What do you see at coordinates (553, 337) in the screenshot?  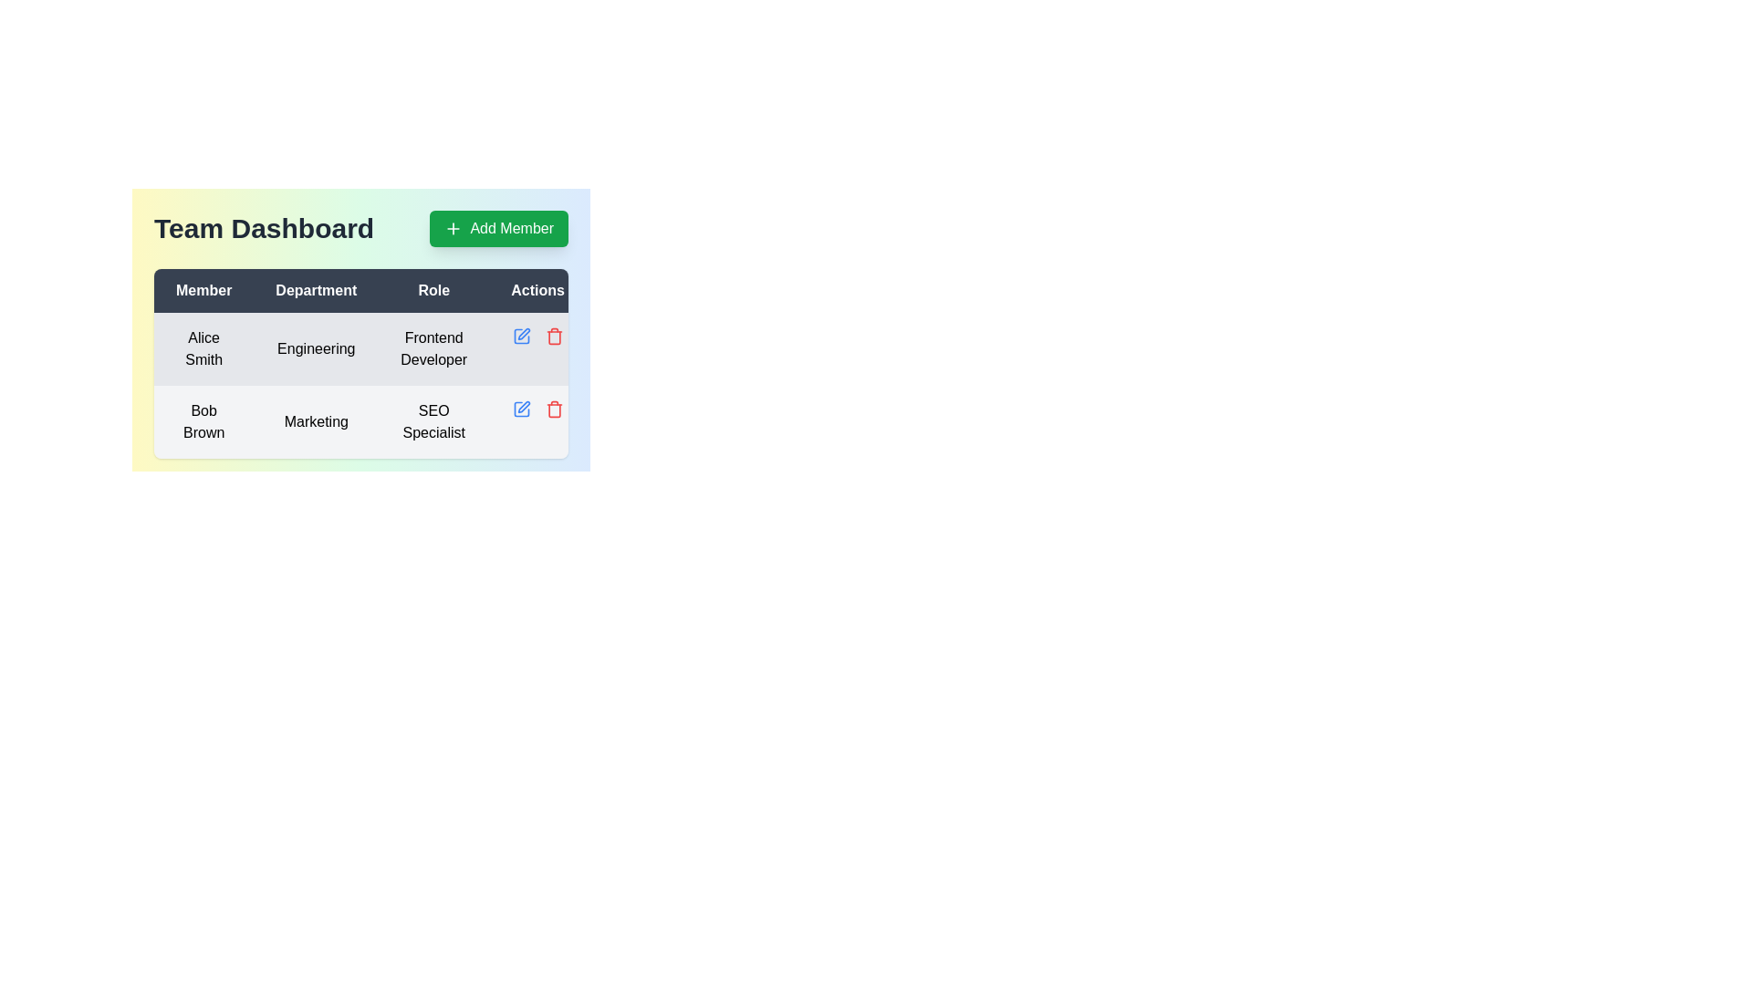 I see `the visual part of the trash bin icon located in the 'Actions' column, specifically in the second data row adjacent to 'Bob Brown'` at bounding box center [553, 337].